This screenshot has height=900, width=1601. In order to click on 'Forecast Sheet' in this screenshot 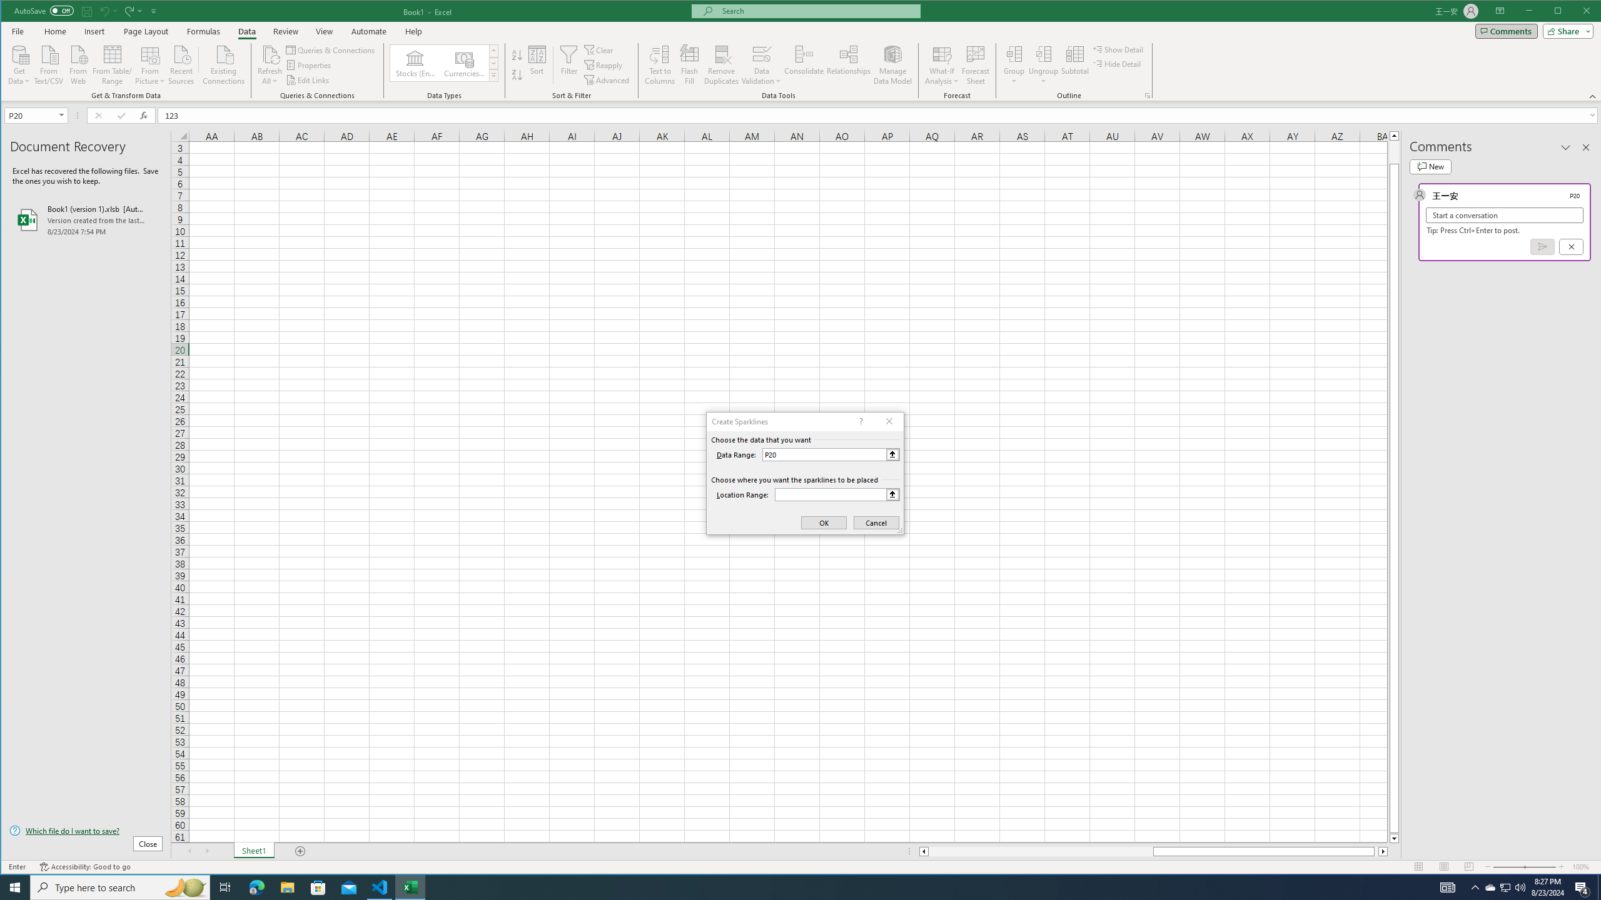, I will do `click(976, 64)`.